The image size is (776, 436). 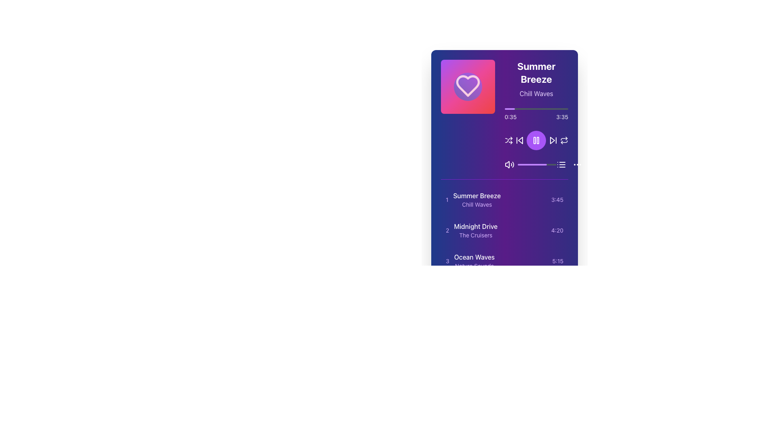 What do you see at coordinates (536, 109) in the screenshot?
I see `visual progress of the thin horizontal progress bar located under 'Summer Breeze' and above the audio control buttons` at bounding box center [536, 109].